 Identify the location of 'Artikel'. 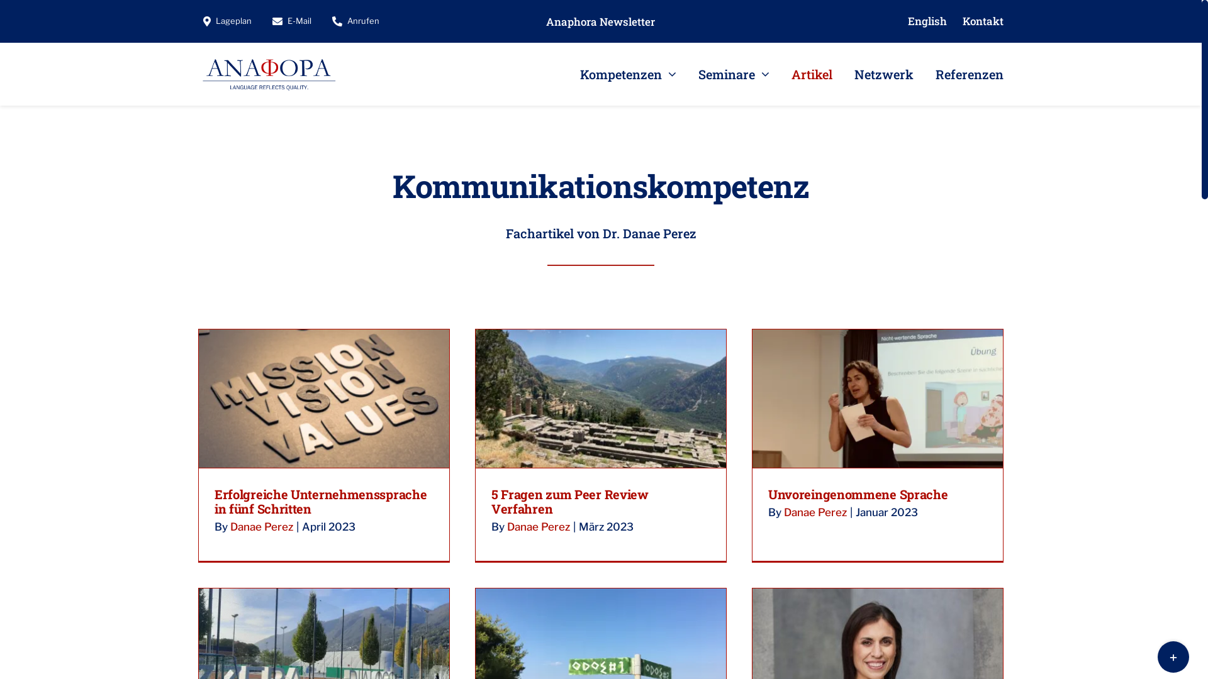
(812, 74).